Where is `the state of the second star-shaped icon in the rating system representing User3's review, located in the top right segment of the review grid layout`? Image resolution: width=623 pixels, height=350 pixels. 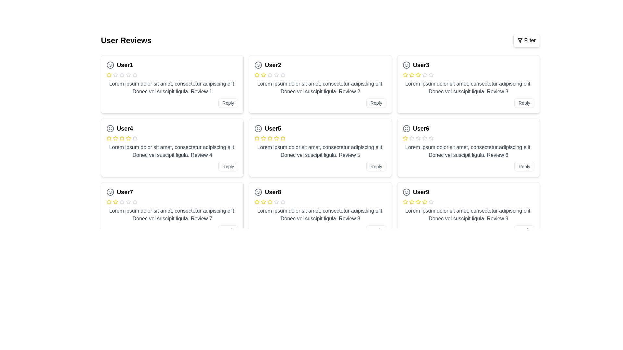
the state of the second star-shaped icon in the rating system representing User3's review, located in the top right segment of the review grid layout is located at coordinates (411, 75).